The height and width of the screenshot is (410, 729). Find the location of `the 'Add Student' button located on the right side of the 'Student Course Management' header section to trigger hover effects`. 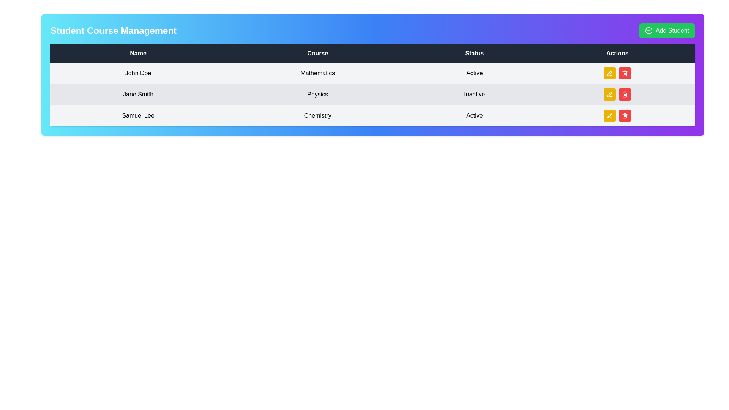

the 'Add Student' button located on the right side of the 'Student Course Management' header section to trigger hover effects is located at coordinates (666, 30).